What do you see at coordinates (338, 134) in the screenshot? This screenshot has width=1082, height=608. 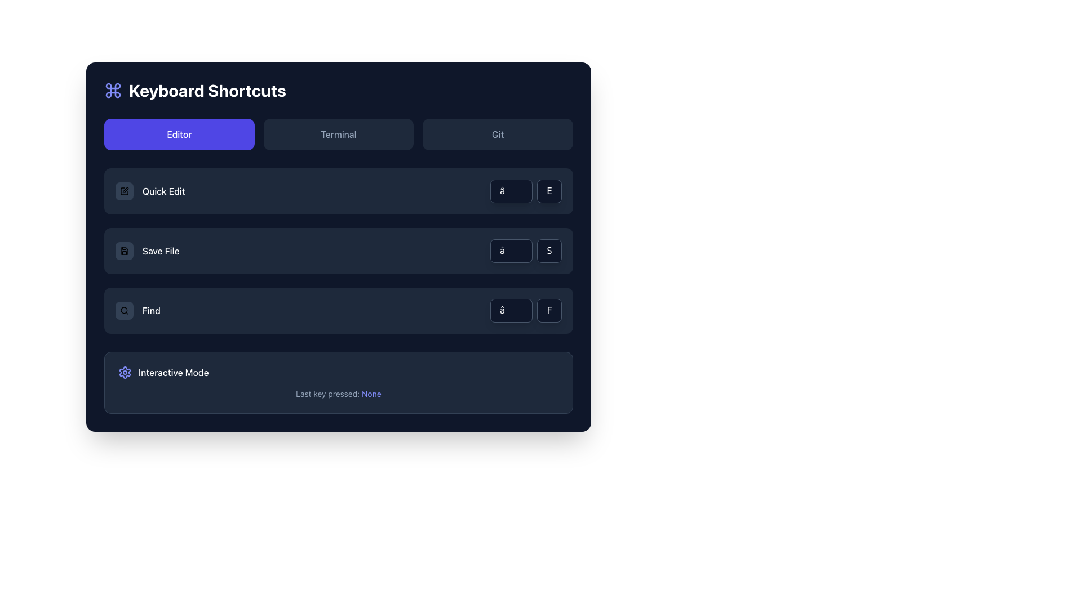 I see `the button located between the 'Editor' and 'Git' buttons under the 'Keyboard Shortcuts' header` at bounding box center [338, 134].